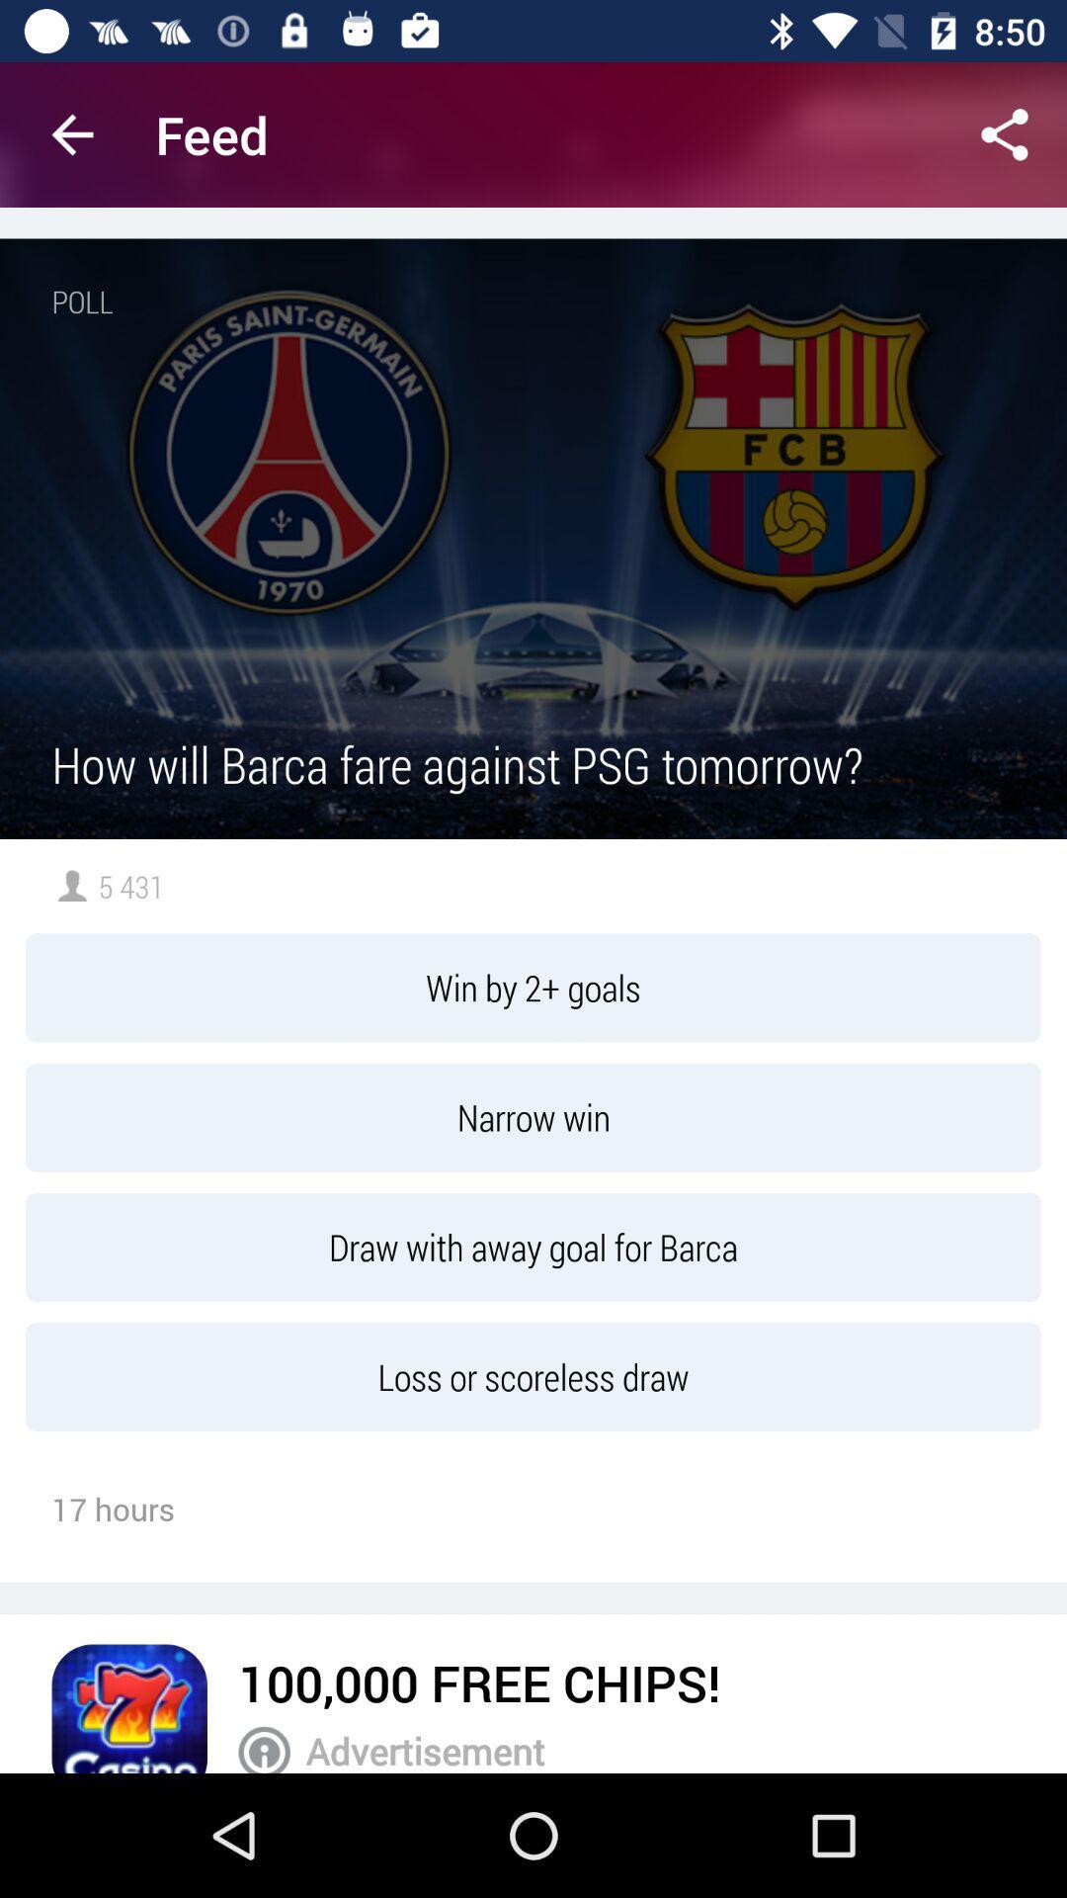  I want to click on the item to the right of the feed, so click(1005, 133).